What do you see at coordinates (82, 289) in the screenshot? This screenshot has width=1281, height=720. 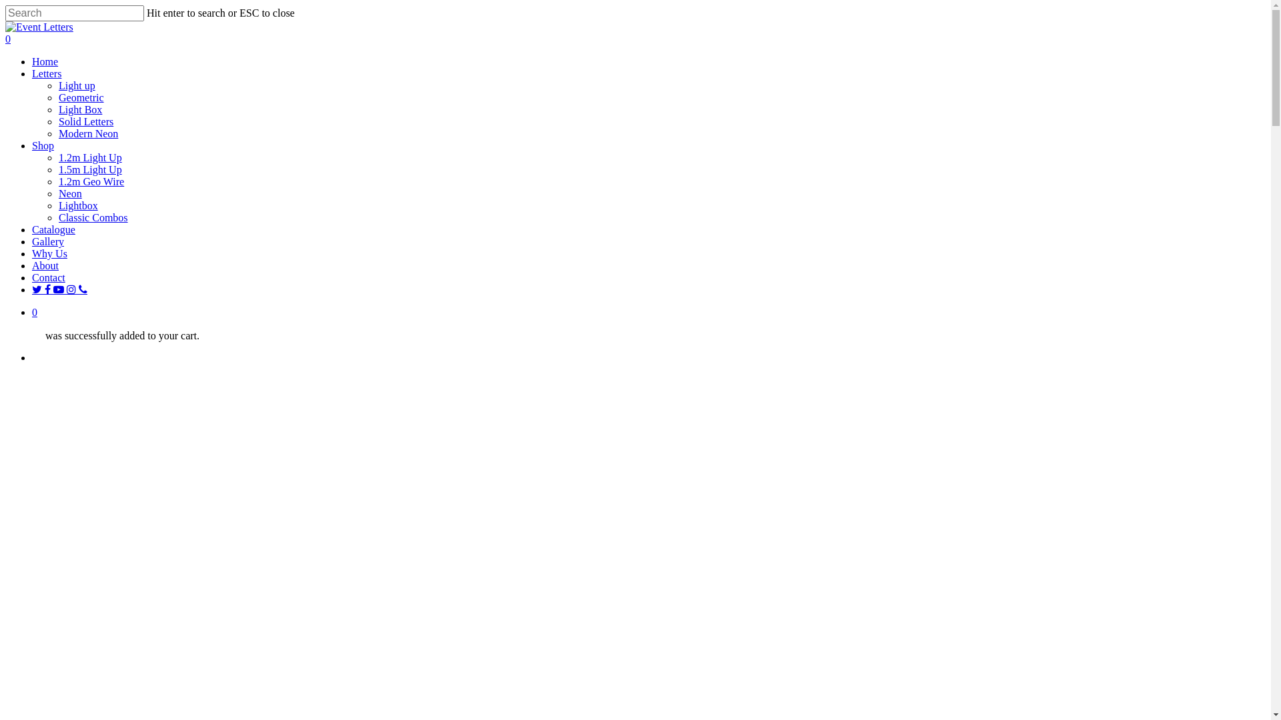 I see `'phone'` at bounding box center [82, 289].